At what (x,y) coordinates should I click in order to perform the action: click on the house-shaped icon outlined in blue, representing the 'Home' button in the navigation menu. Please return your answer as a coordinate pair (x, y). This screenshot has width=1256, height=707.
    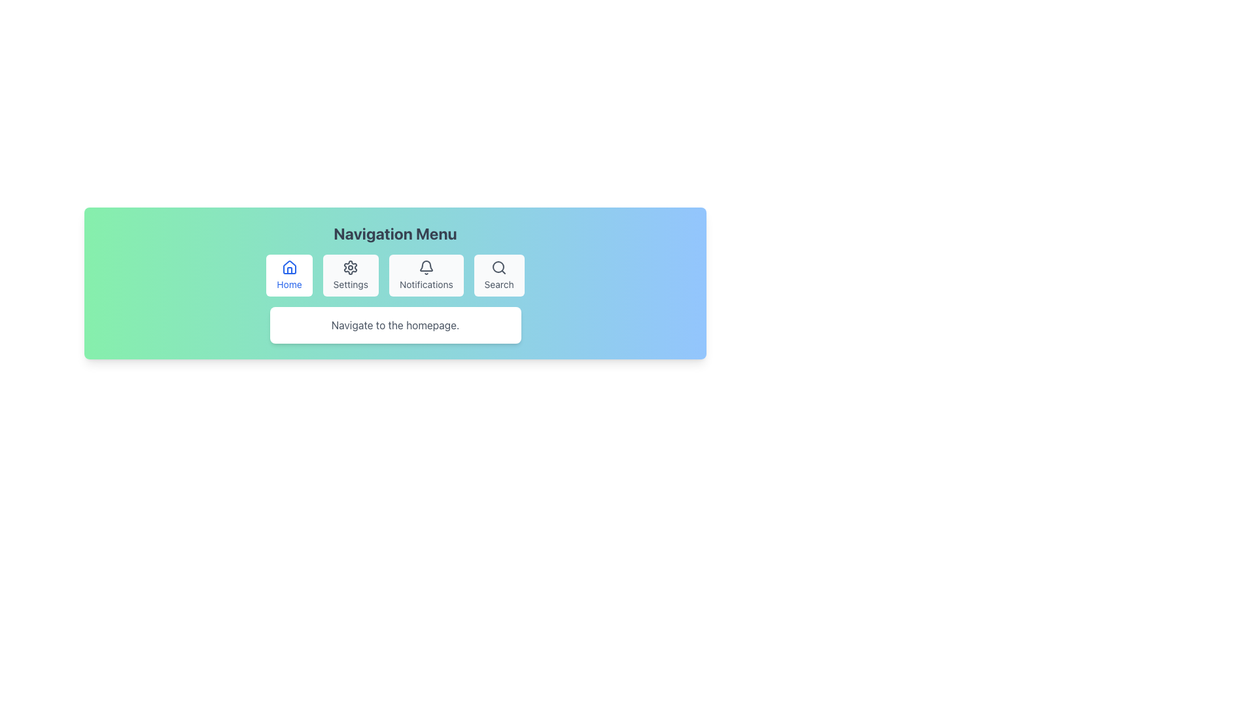
    Looking at the image, I should click on (288, 266).